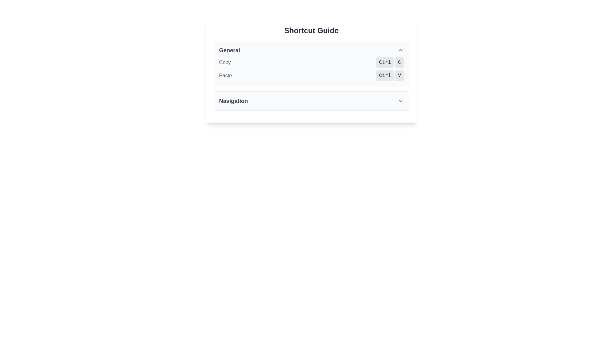 The image size is (601, 338). What do you see at coordinates (385, 63) in the screenshot?
I see `the 'Ctrl' button, which is a rectangular button-like component with a light gray background and darker gray text, located towards the center-right of the interface within the 'Shortcut Guide'` at bounding box center [385, 63].